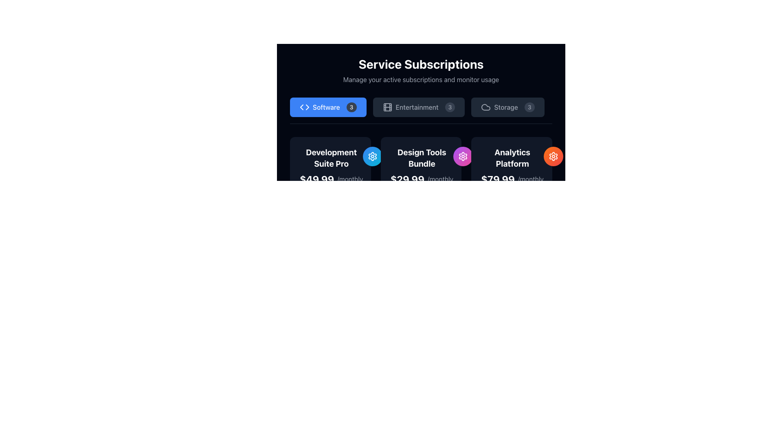 This screenshot has height=439, width=782. I want to click on the 'Analytics Platform' text display component, which shows the title and price on a dark background, positioned as the third card in a grid layout, so click(511, 165).